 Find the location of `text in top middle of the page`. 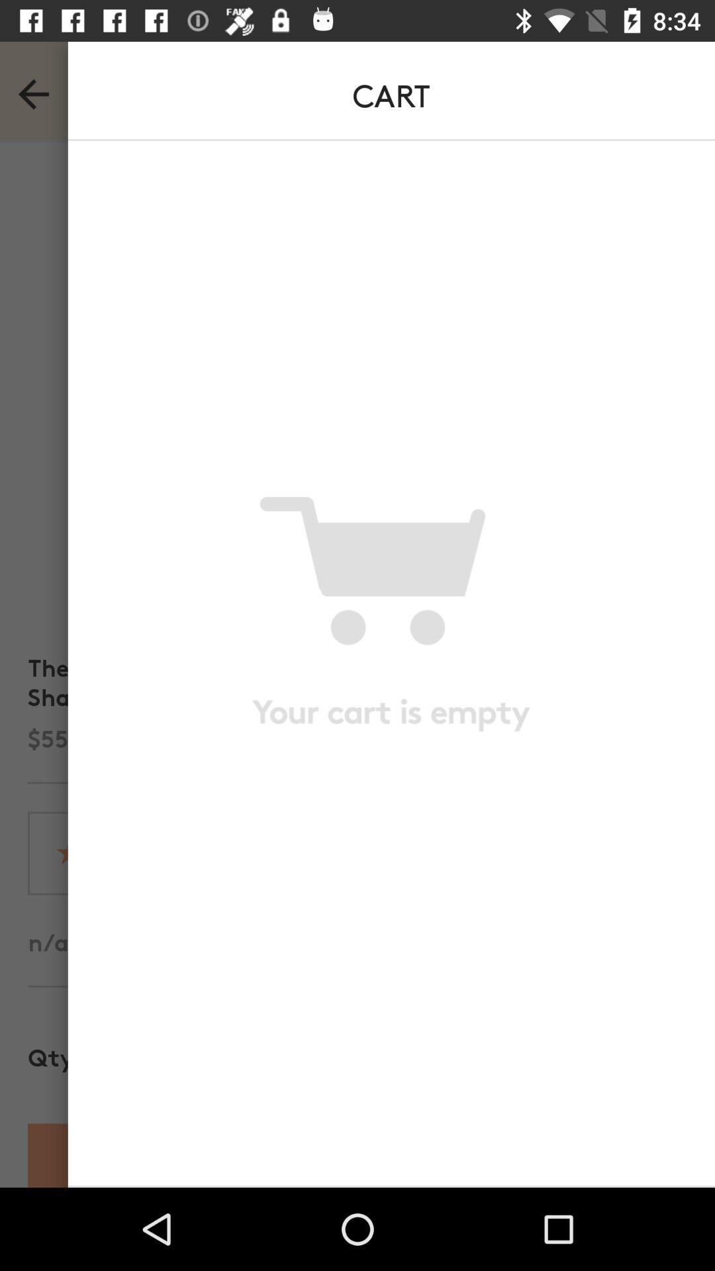

text in top middle of the page is located at coordinates (312, 90).